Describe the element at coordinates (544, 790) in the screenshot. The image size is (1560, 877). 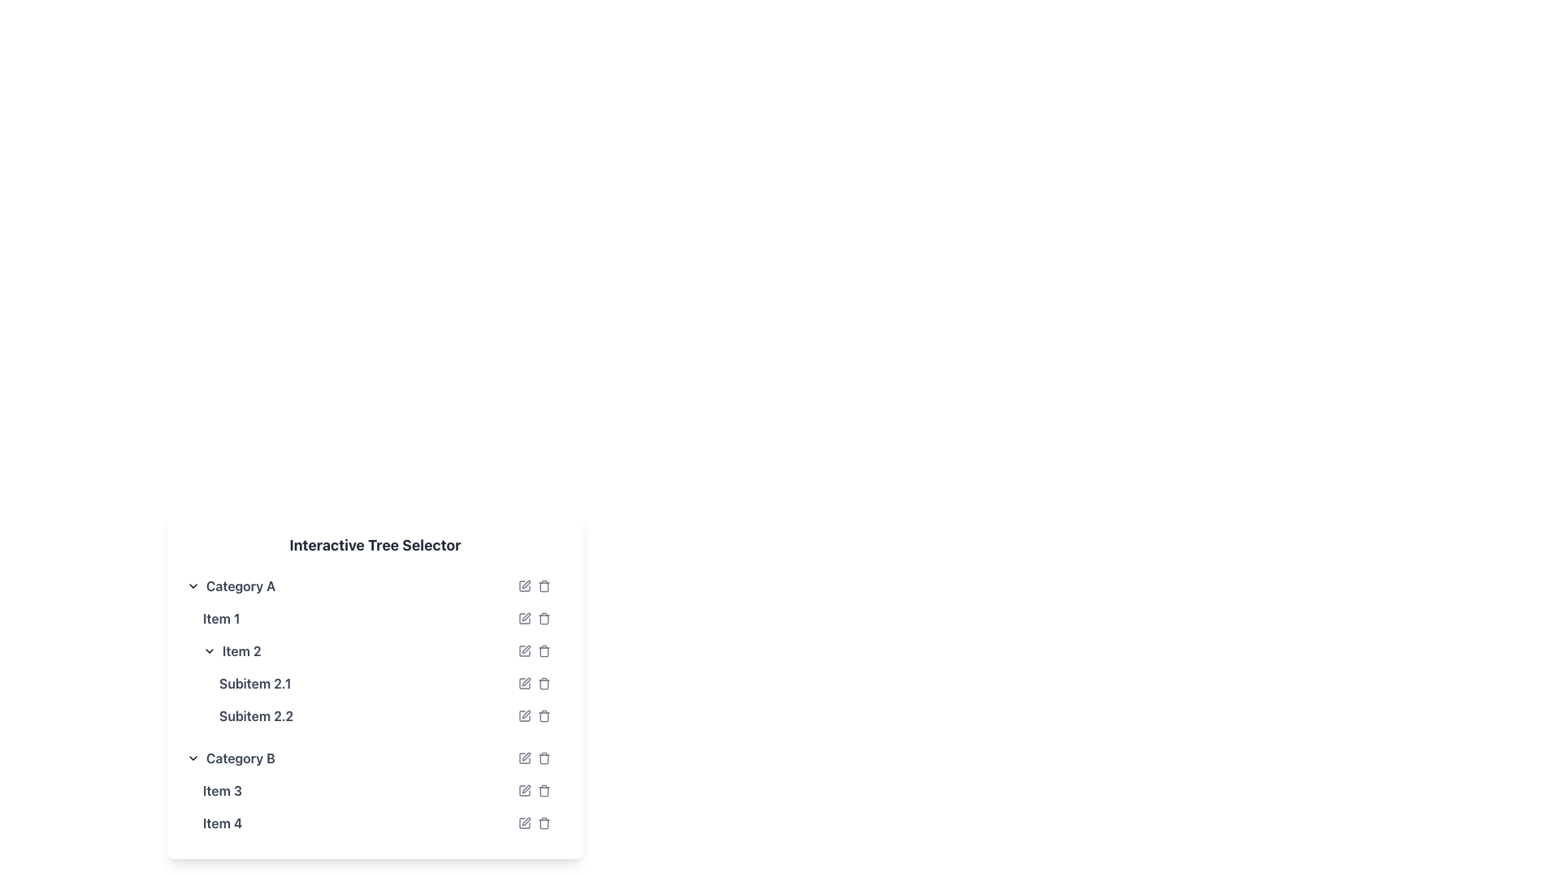
I see `the trash can icon` at that location.